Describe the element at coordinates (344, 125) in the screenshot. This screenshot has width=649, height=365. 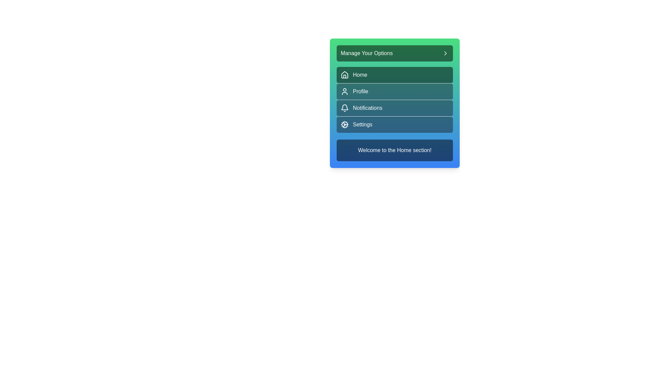
I see `the cogwheel icon representing settings, which is the first icon in the 'Settings' section of a vertical list, located to the left of the text 'Settings'` at that location.